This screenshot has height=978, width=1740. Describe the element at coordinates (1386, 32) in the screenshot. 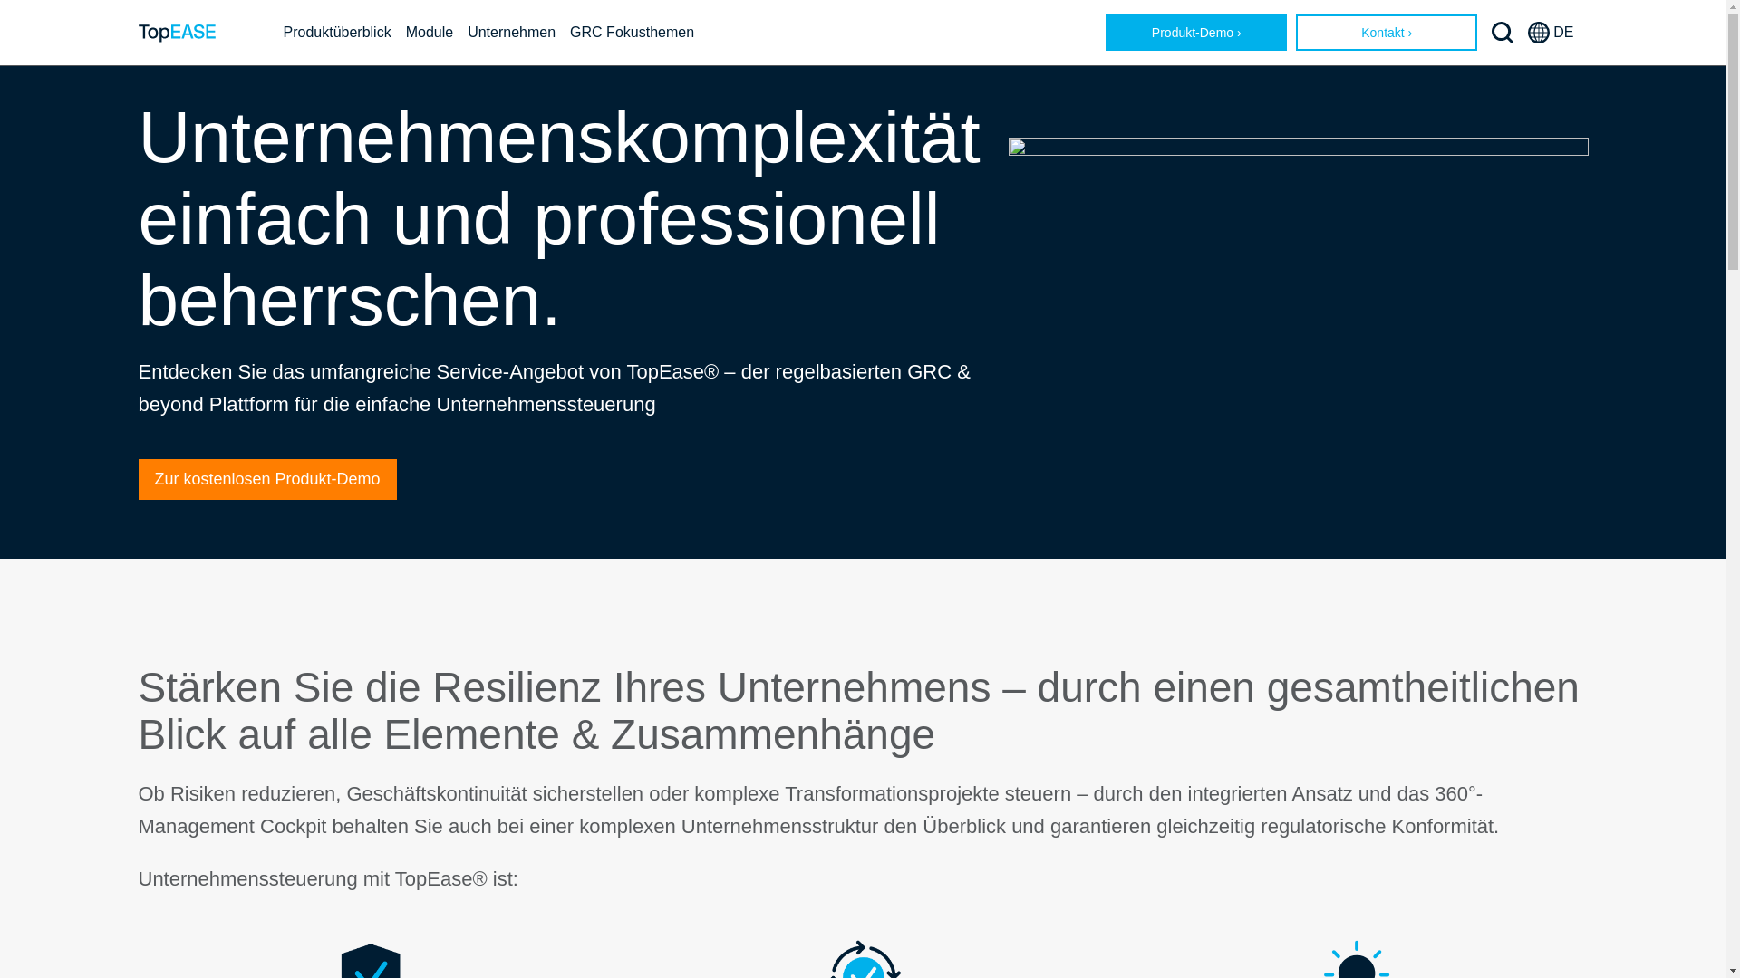

I see `'Kontakt'` at that location.